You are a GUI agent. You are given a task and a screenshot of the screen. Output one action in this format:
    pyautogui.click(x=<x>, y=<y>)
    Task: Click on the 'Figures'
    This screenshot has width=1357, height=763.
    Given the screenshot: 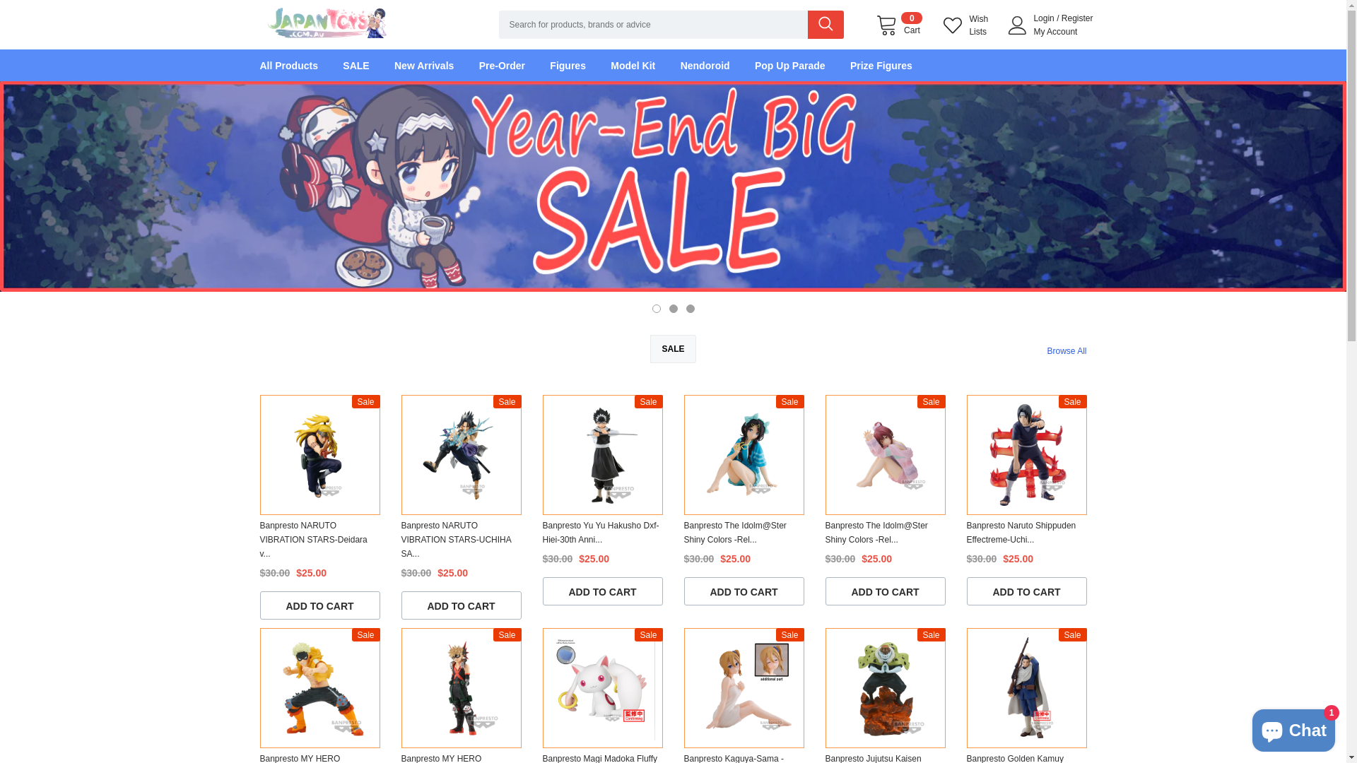 What is the action you would take?
    pyautogui.click(x=548, y=65)
    